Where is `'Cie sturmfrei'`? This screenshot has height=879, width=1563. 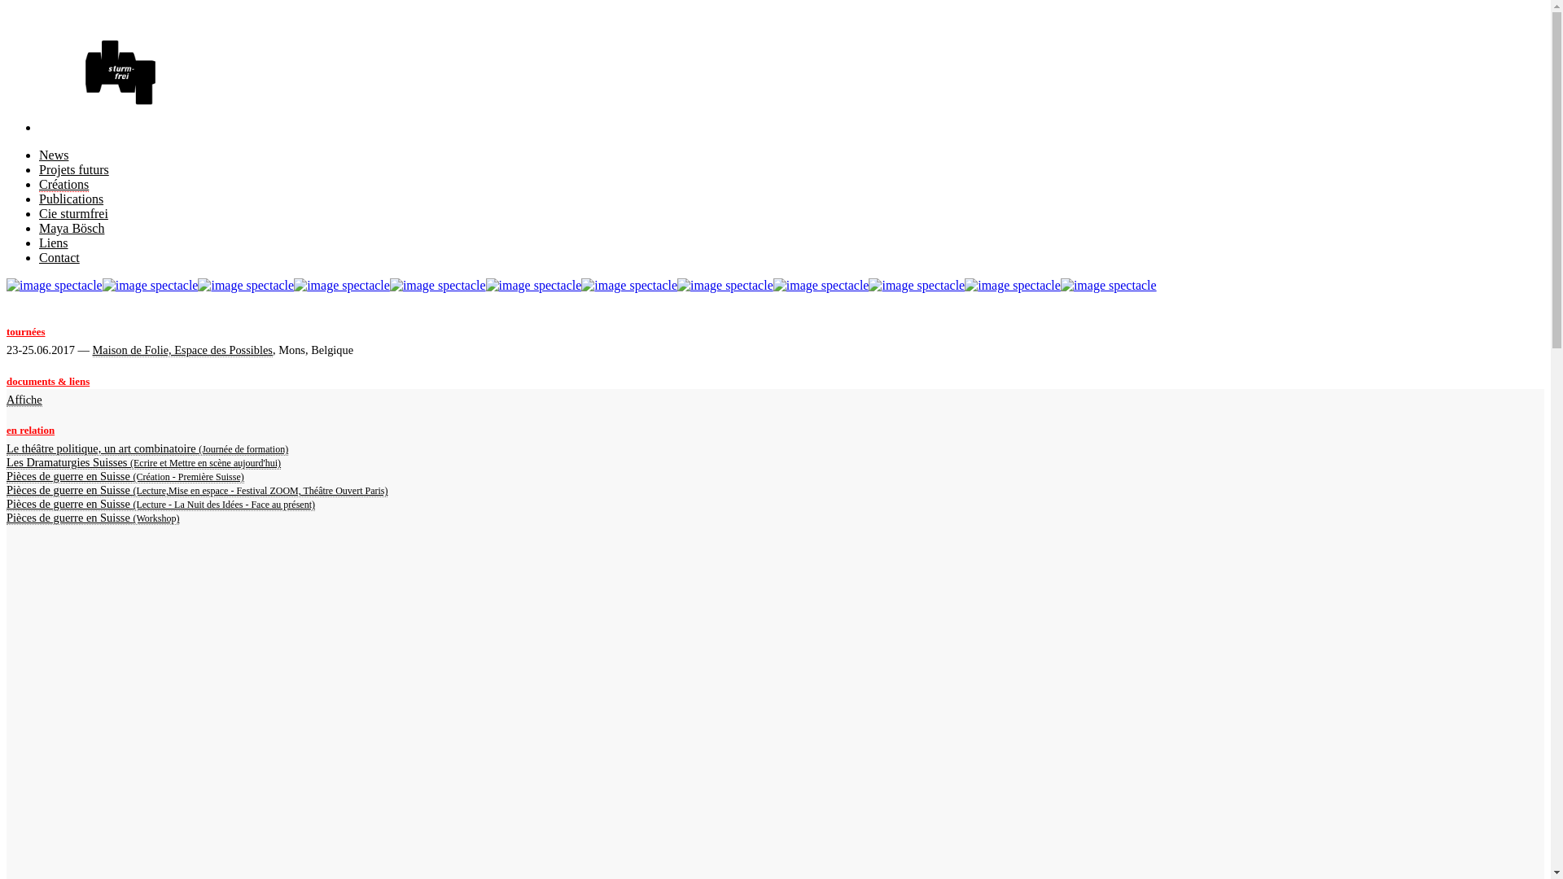 'Cie sturmfrei' is located at coordinates (72, 212).